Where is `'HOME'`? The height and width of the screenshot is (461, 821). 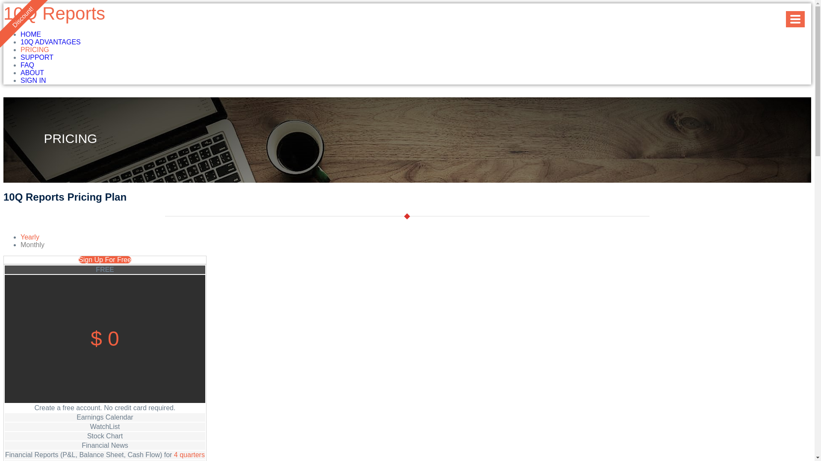 'HOME' is located at coordinates (31, 34).